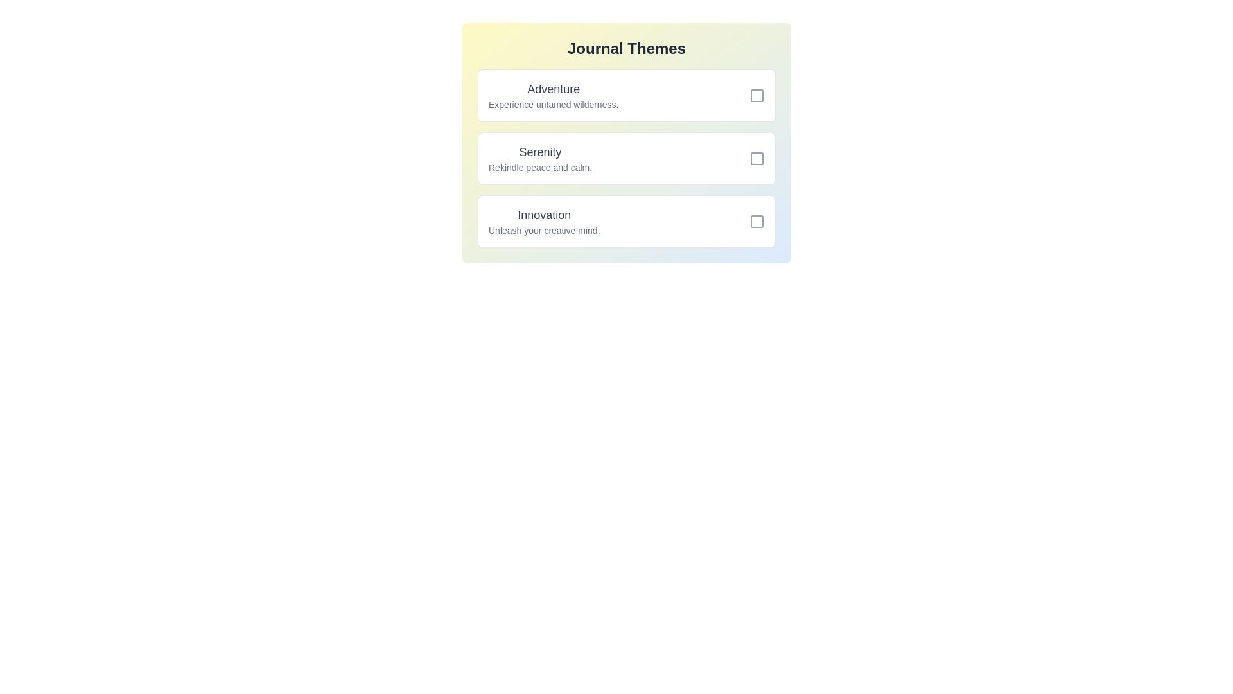 The width and height of the screenshot is (1233, 694). I want to click on the Text Display Element displaying the word 'Adventure', which is styled in bold and larger font, located at the top of the vertical list within the 'Journal Themes', so click(554, 88).